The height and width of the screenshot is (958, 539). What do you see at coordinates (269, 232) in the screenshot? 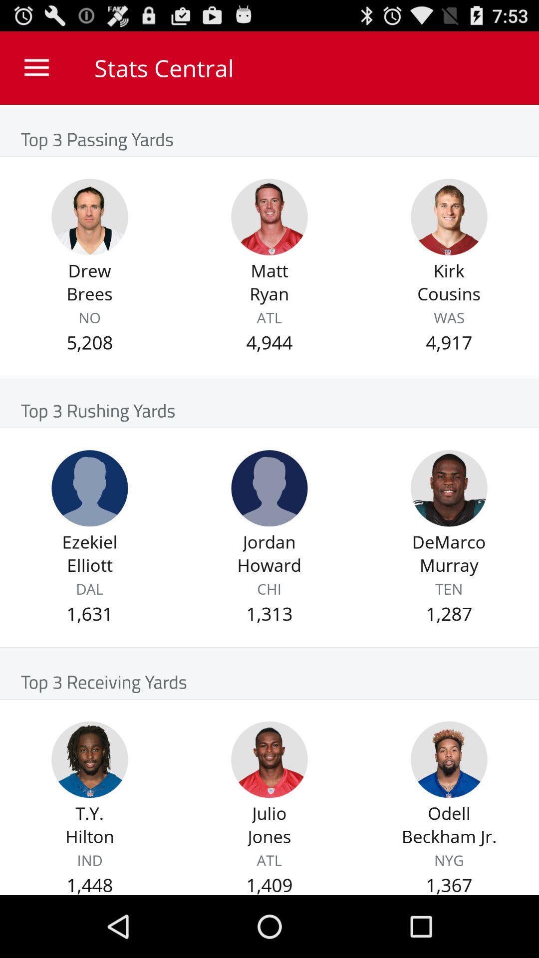
I see `the avatar icon` at bounding box center [269, 232].